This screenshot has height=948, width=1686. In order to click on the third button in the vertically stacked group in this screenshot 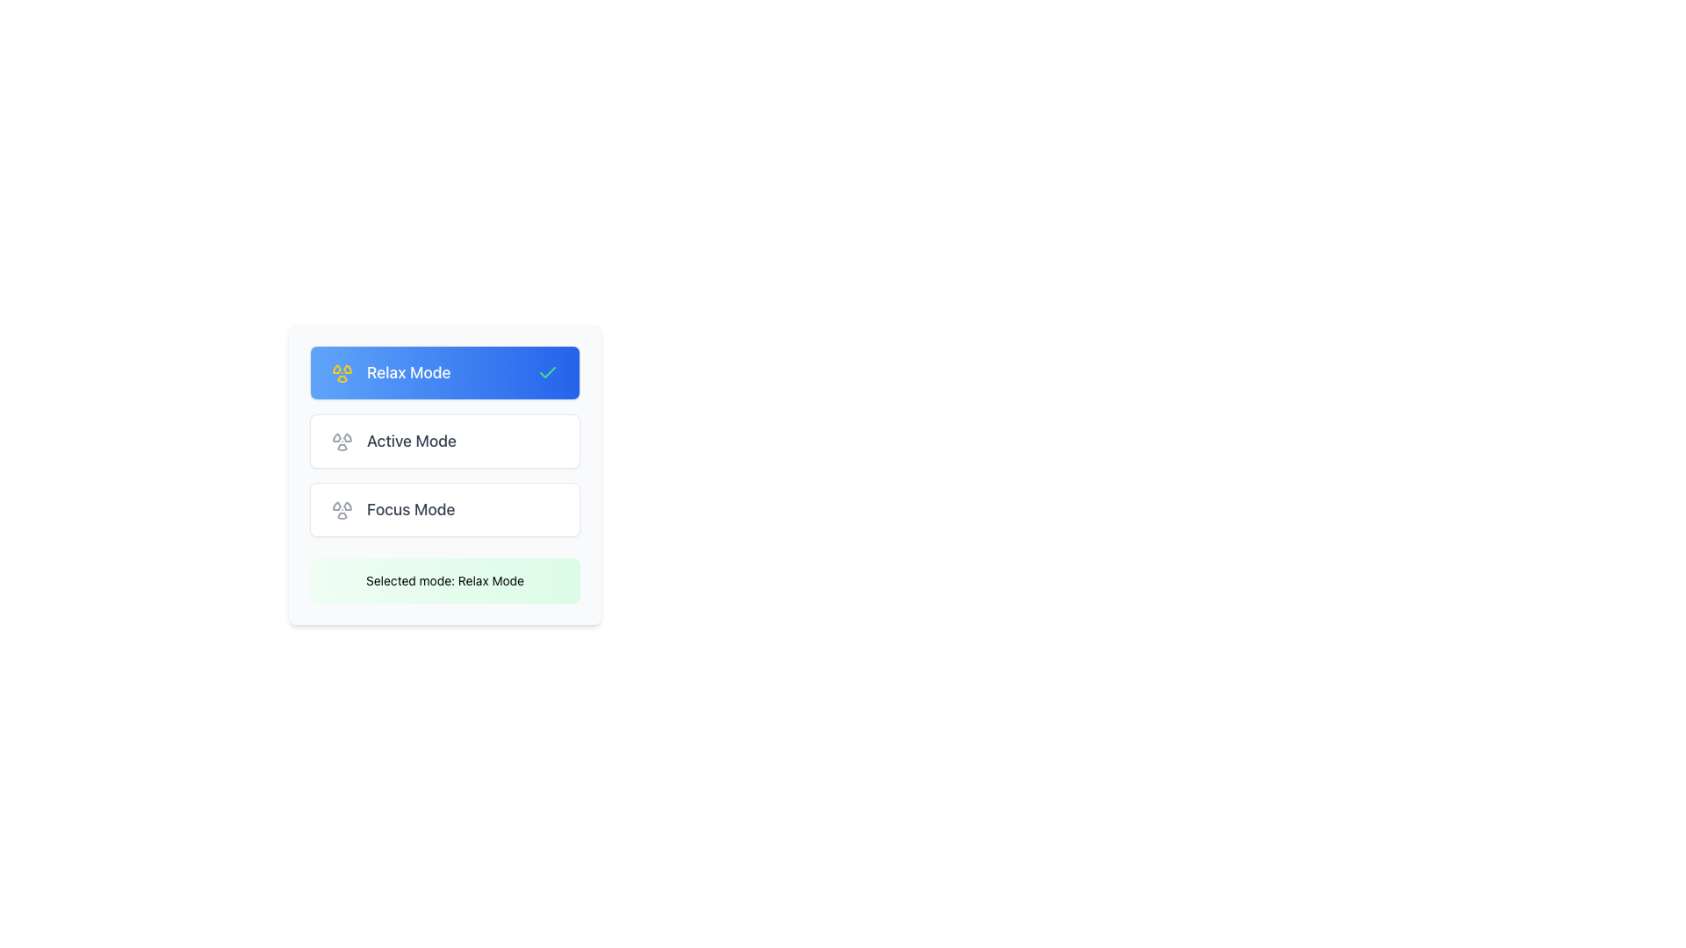, I will do `click(445, 510)`.